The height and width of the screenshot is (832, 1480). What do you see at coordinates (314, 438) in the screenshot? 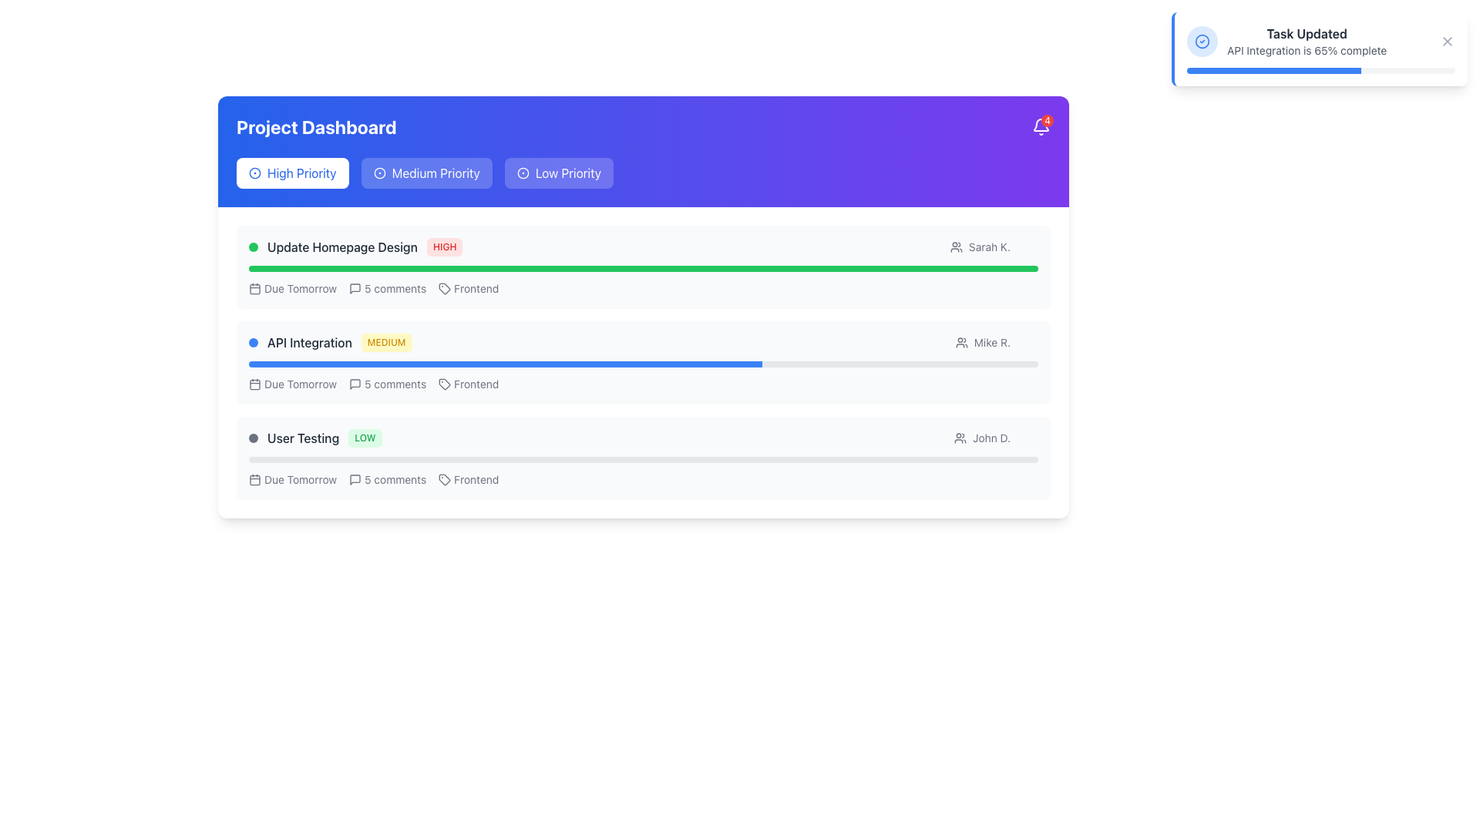
I see `priority level of the task labeled 'User Testing', which is indicated by the green label with the text 'LOW' located on the right side of the element` at bounding box center [314, 438].